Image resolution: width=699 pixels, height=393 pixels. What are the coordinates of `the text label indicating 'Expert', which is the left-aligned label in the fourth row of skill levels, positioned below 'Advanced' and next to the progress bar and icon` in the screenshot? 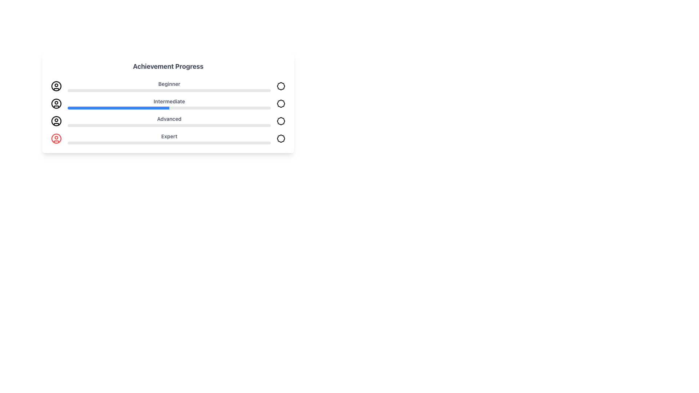 It's located at (169, 136).